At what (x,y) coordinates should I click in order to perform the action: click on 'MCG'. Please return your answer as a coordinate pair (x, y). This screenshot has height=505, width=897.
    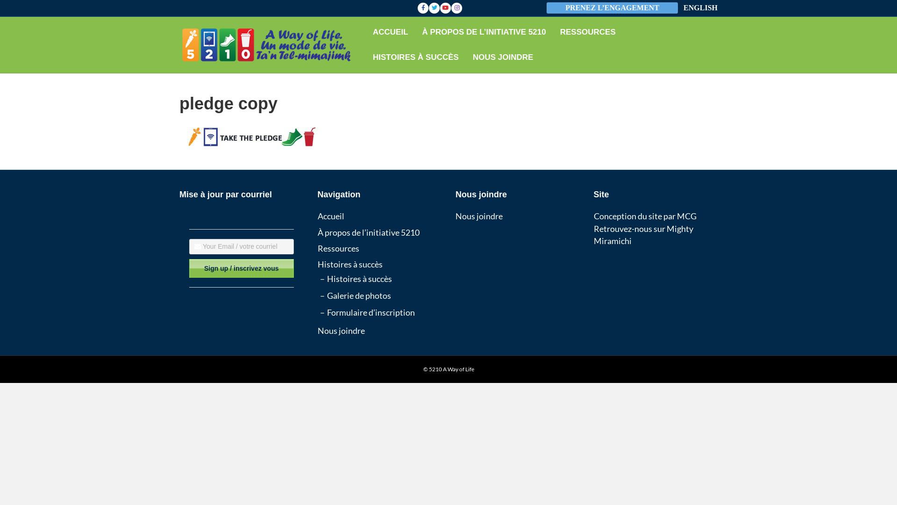
    Looking at the image, I should click on (686, 216).